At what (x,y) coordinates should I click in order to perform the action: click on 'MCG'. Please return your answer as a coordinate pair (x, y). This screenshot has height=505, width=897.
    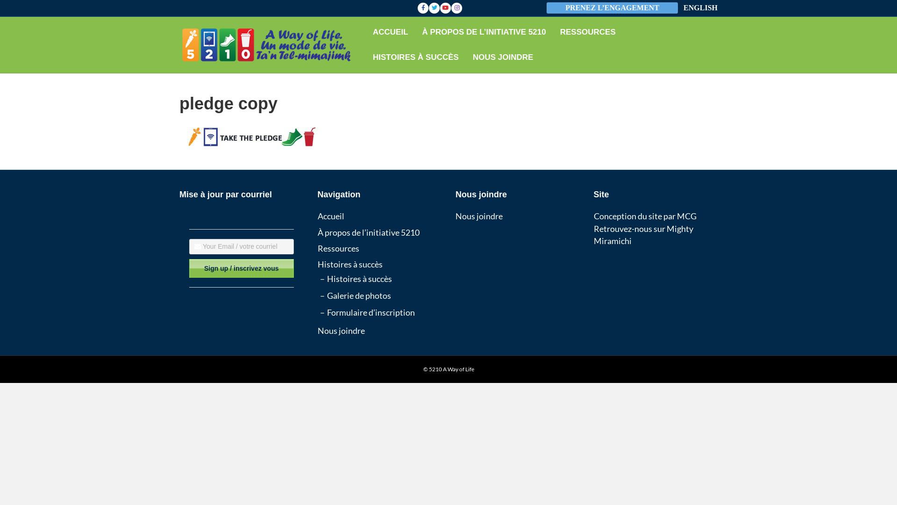
    Looking at the image, I should click on (686, 216).